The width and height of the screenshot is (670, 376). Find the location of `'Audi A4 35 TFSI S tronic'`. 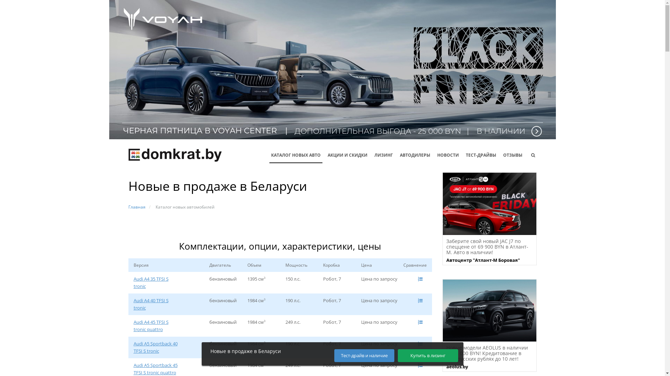

'Audi A4 35 TFSI S tronic' is located at coordinates (155, 283).